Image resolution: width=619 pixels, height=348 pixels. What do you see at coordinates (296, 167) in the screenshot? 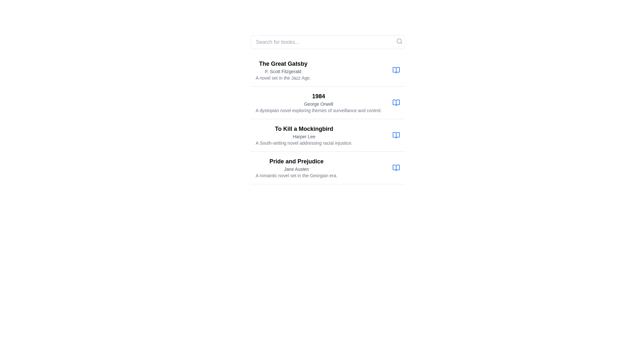
I see `the display block containing the text for the book 'Pride and Prejudice', which provides information about the book's title, author, and description, located fourth from the top in the list of book entries` at bounding box center [296, 167].